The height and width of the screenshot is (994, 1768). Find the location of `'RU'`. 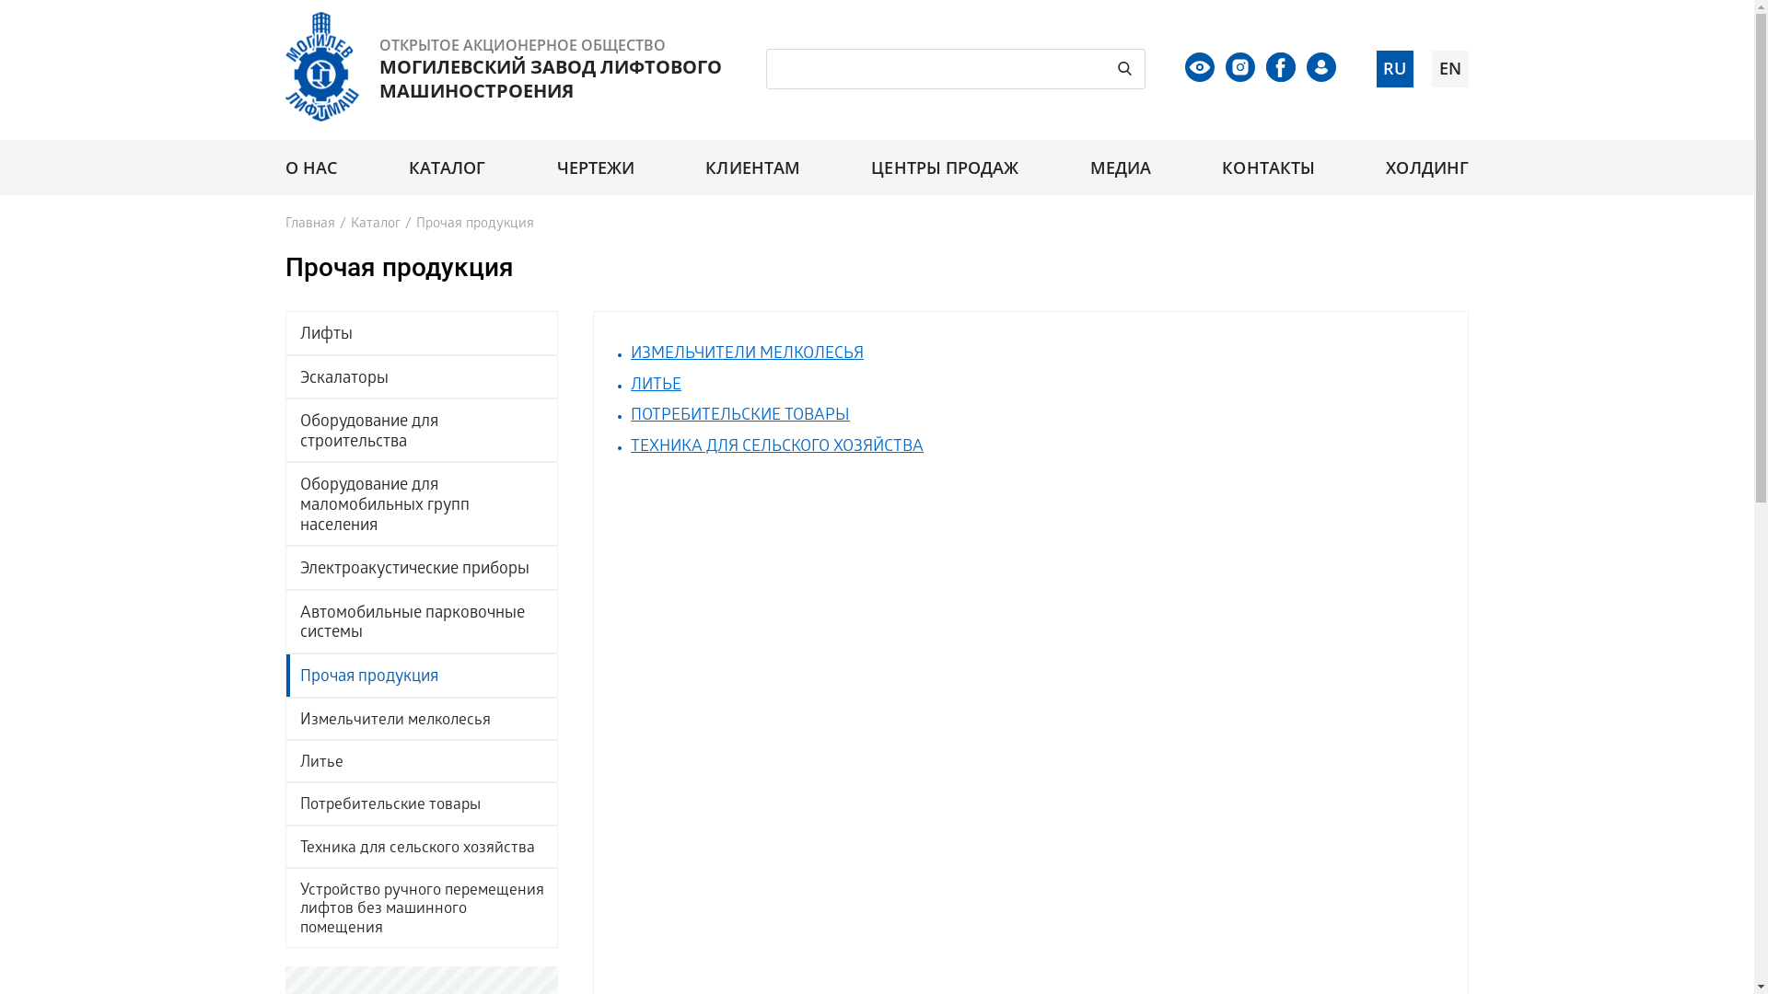

'RU' is located at coordinates (1395, 67).